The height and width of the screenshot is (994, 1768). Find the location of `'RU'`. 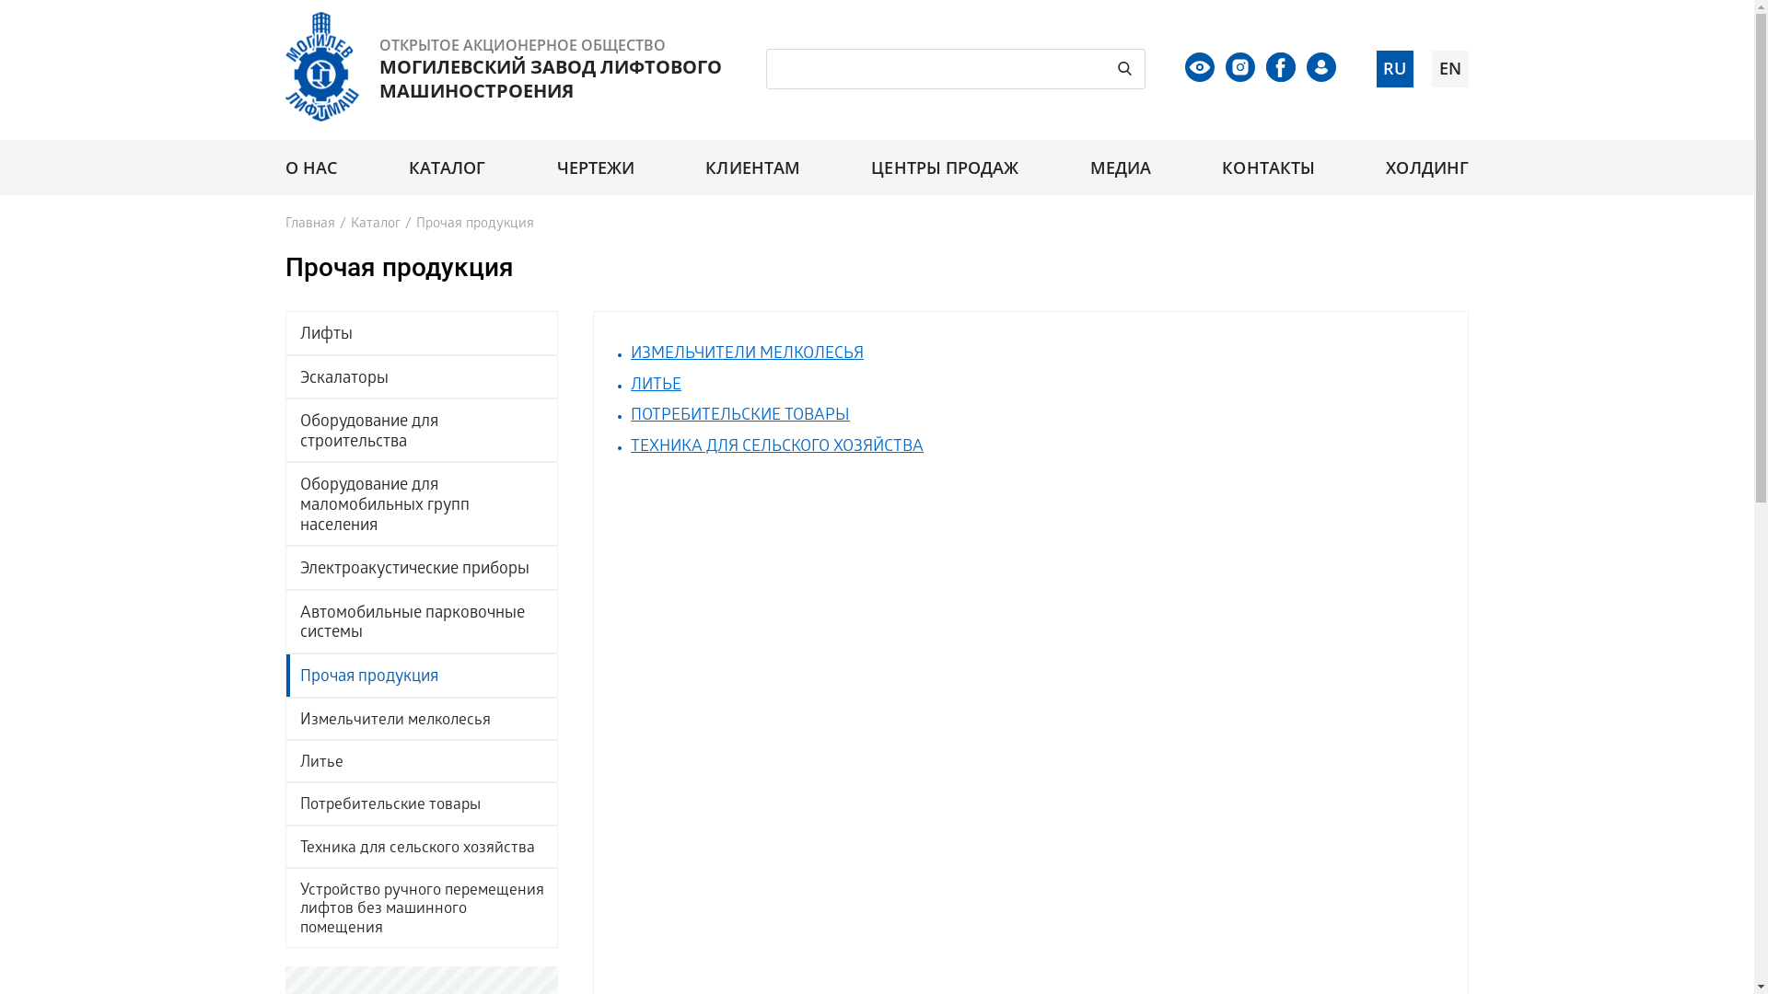

'RU' is located at coordinates (1395, 67).